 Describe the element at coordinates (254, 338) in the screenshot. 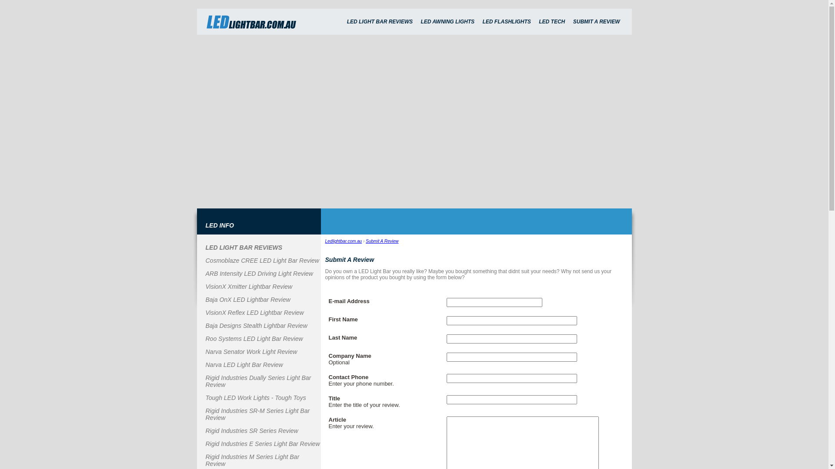

I see `'Roo Systems LED Light Bar Review'` at that location.